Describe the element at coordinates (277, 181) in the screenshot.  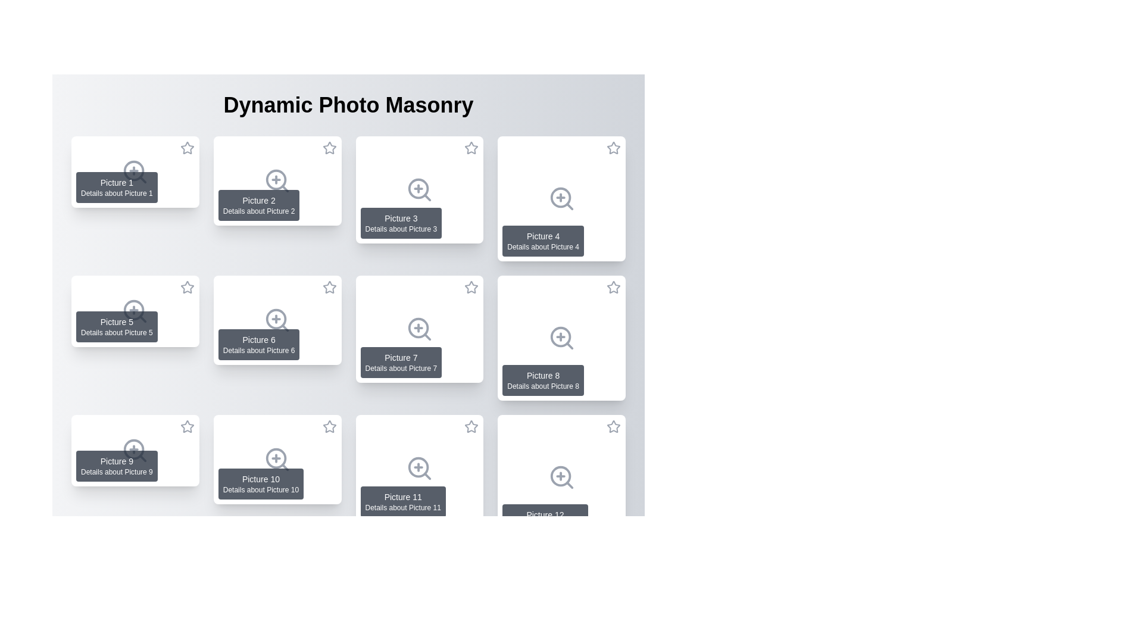
I see `the gray magnifying glass icon with a plus symbol inside it, located on the card labeled 'Picture 2' in the top row, second column` at that location.